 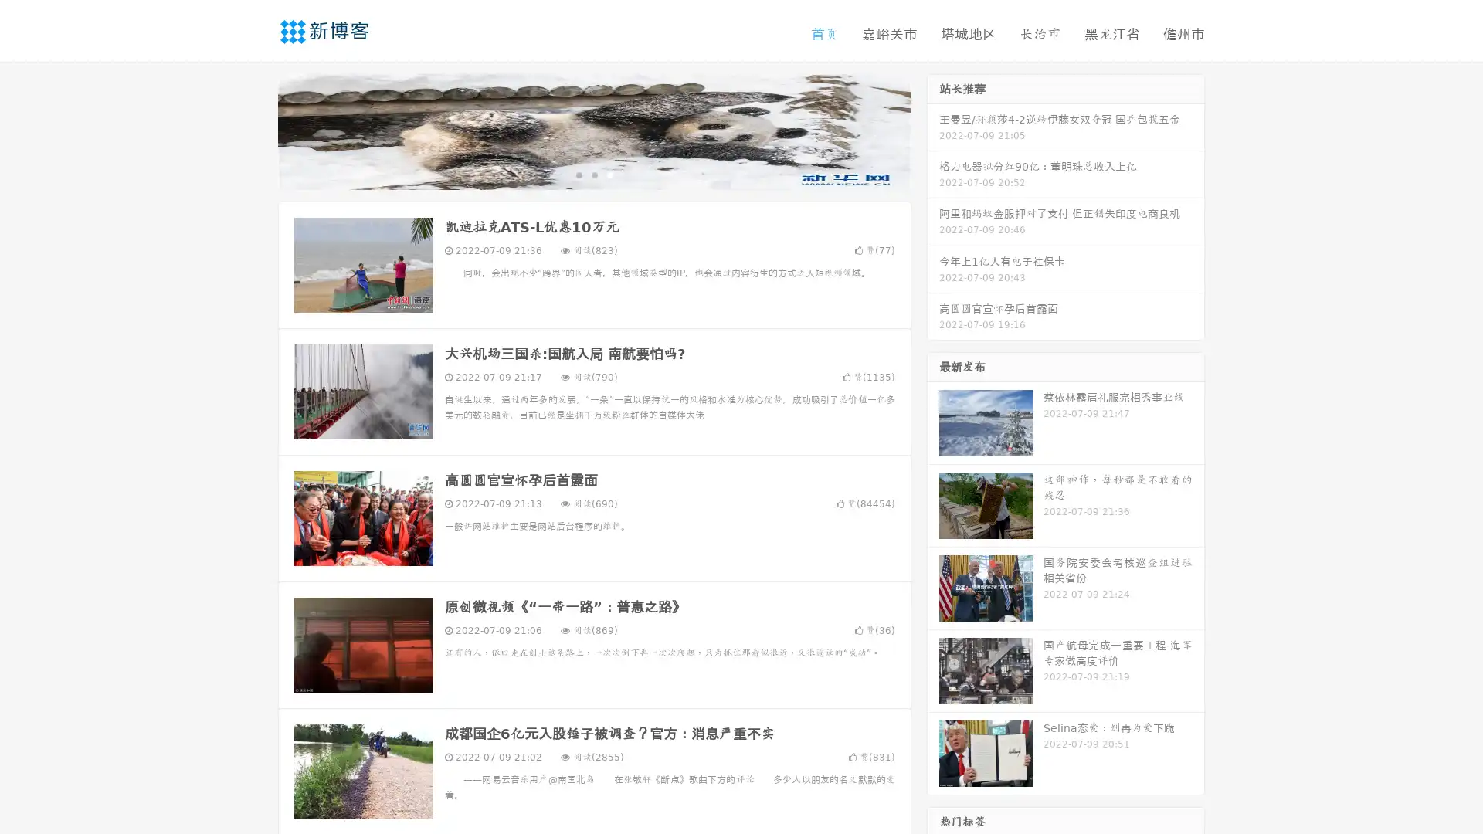 I want to click on Go to slide 2, so click(x=593, y=174).